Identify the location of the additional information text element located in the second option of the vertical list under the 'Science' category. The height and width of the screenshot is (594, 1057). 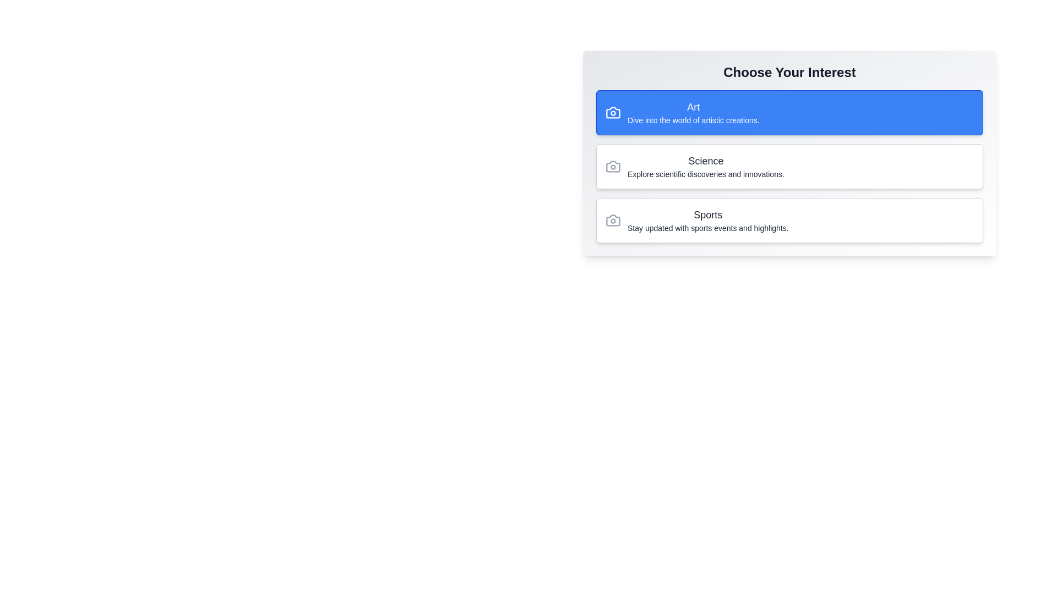
(706, 173).